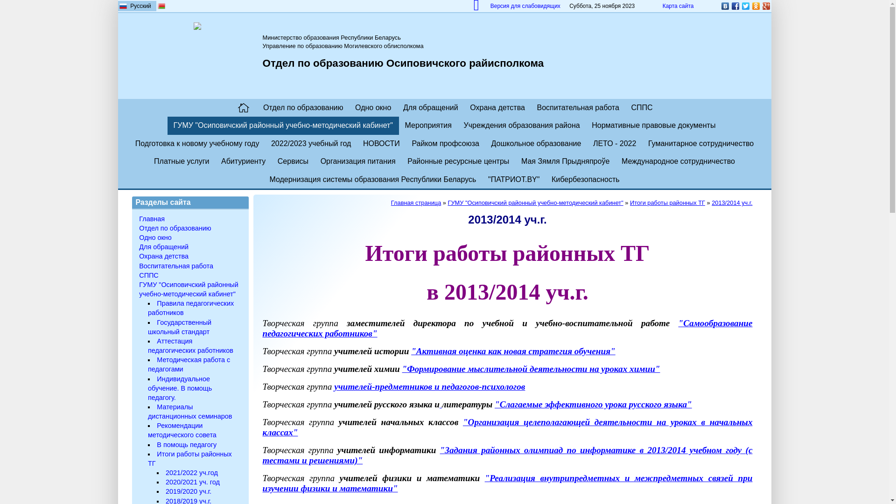 The image size is (896, 504). I want to click on '"', so click(442, 449).